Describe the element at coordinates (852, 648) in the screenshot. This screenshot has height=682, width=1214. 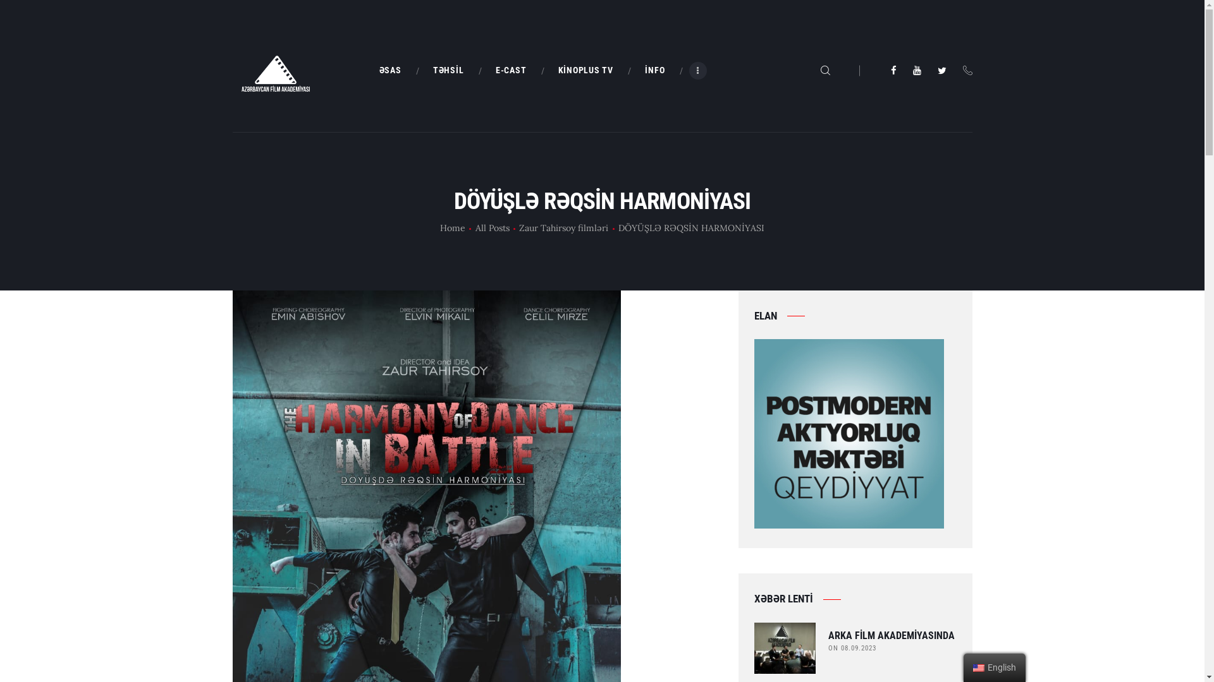
I see `'ON 08.09.2023'` at that location.